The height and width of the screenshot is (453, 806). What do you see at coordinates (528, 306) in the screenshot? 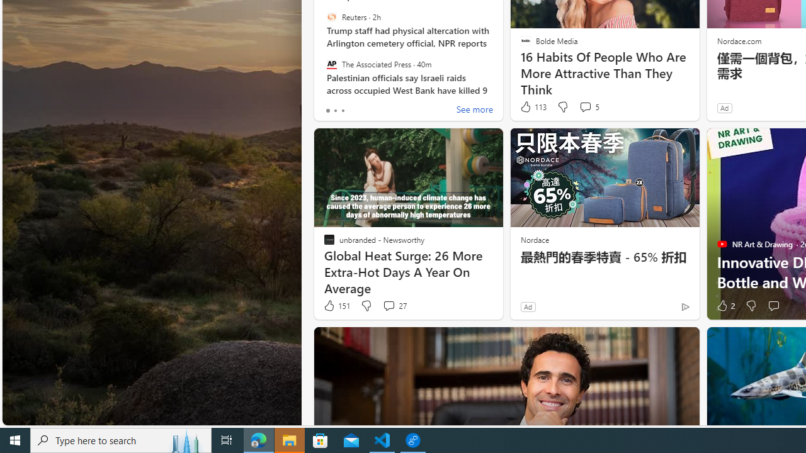
I see `'Ad'` at bounding box center [528, 306].